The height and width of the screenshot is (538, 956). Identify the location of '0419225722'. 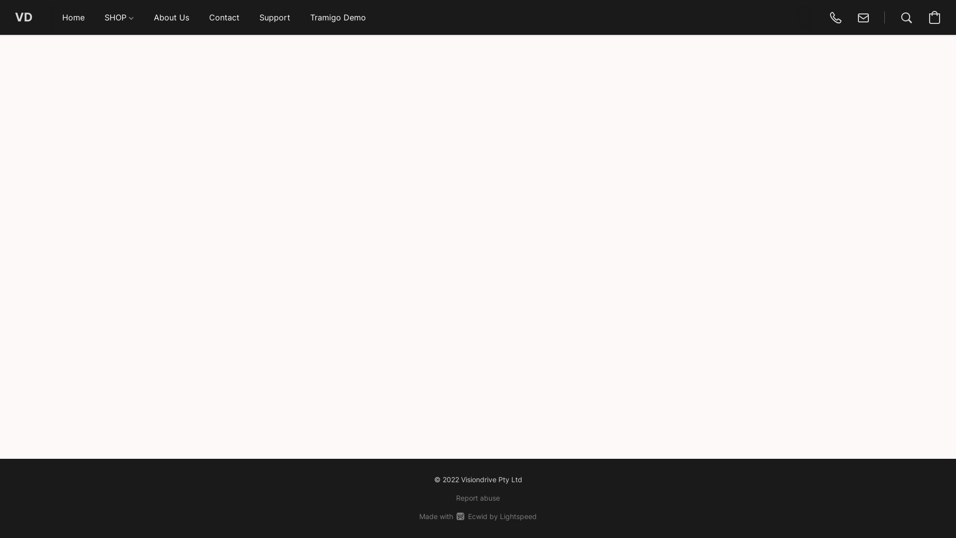
(836, 17).